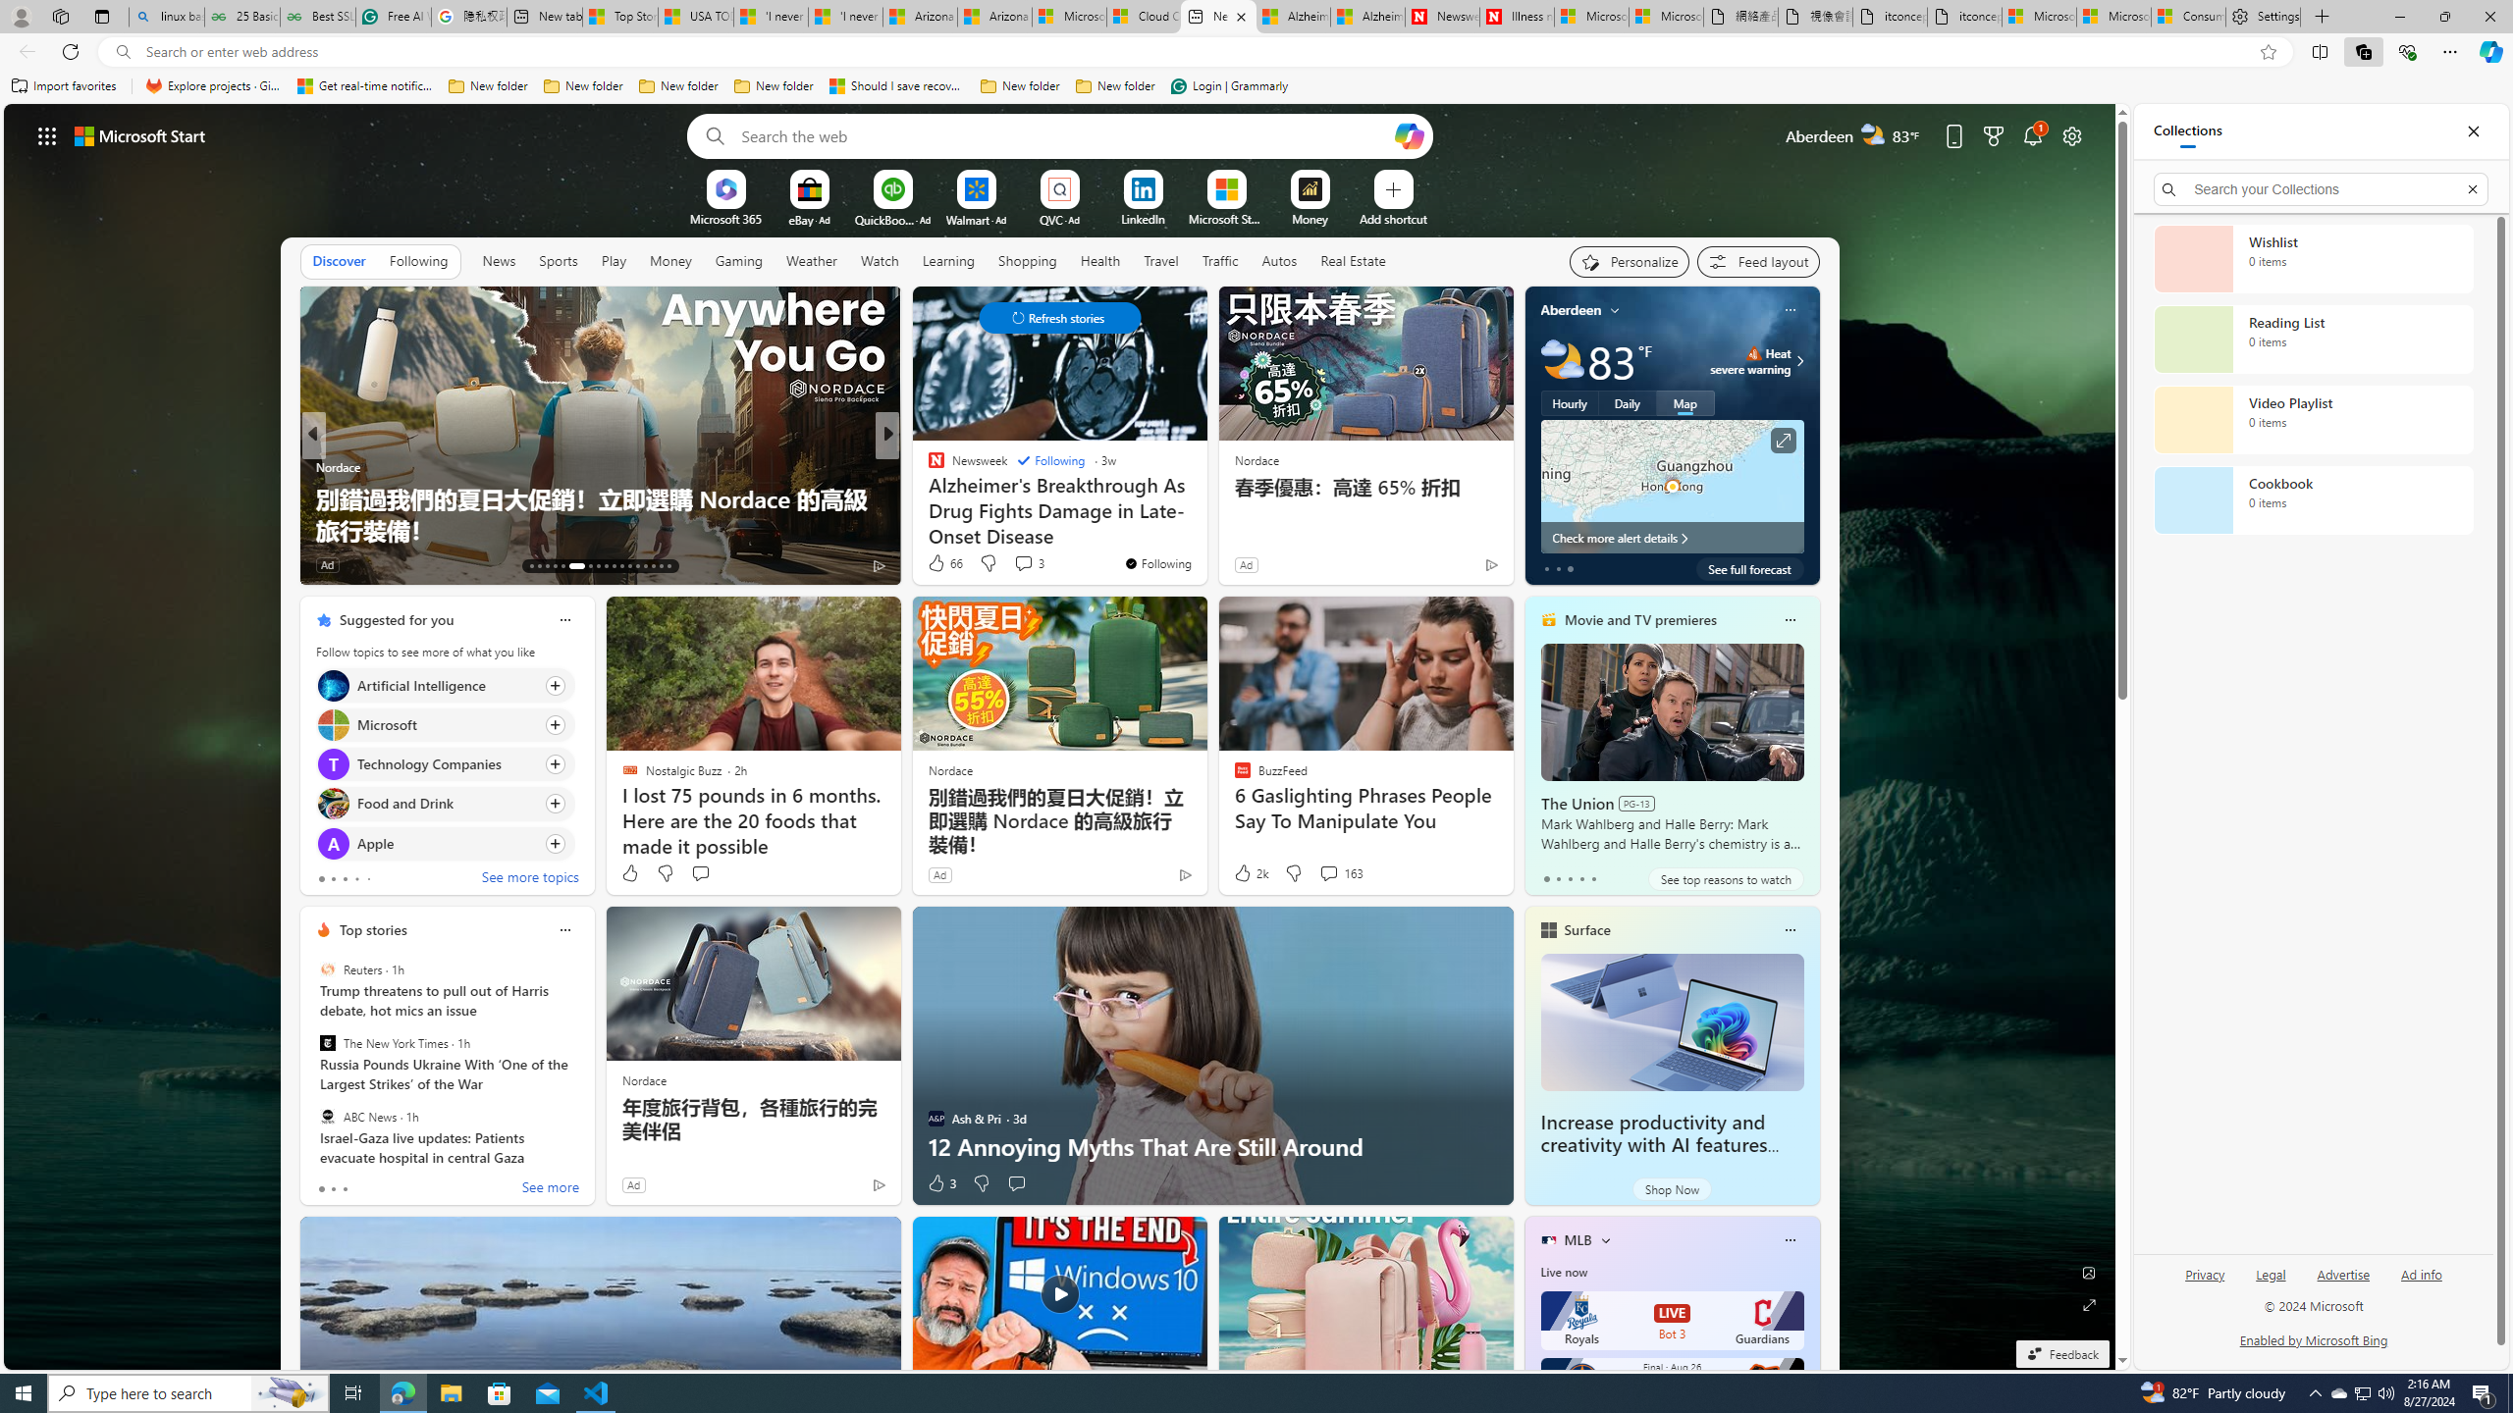 The width and height of the screenshot is (2513, 1413). I want to click on 'AutomationID: tab-22', so click(613, 566).